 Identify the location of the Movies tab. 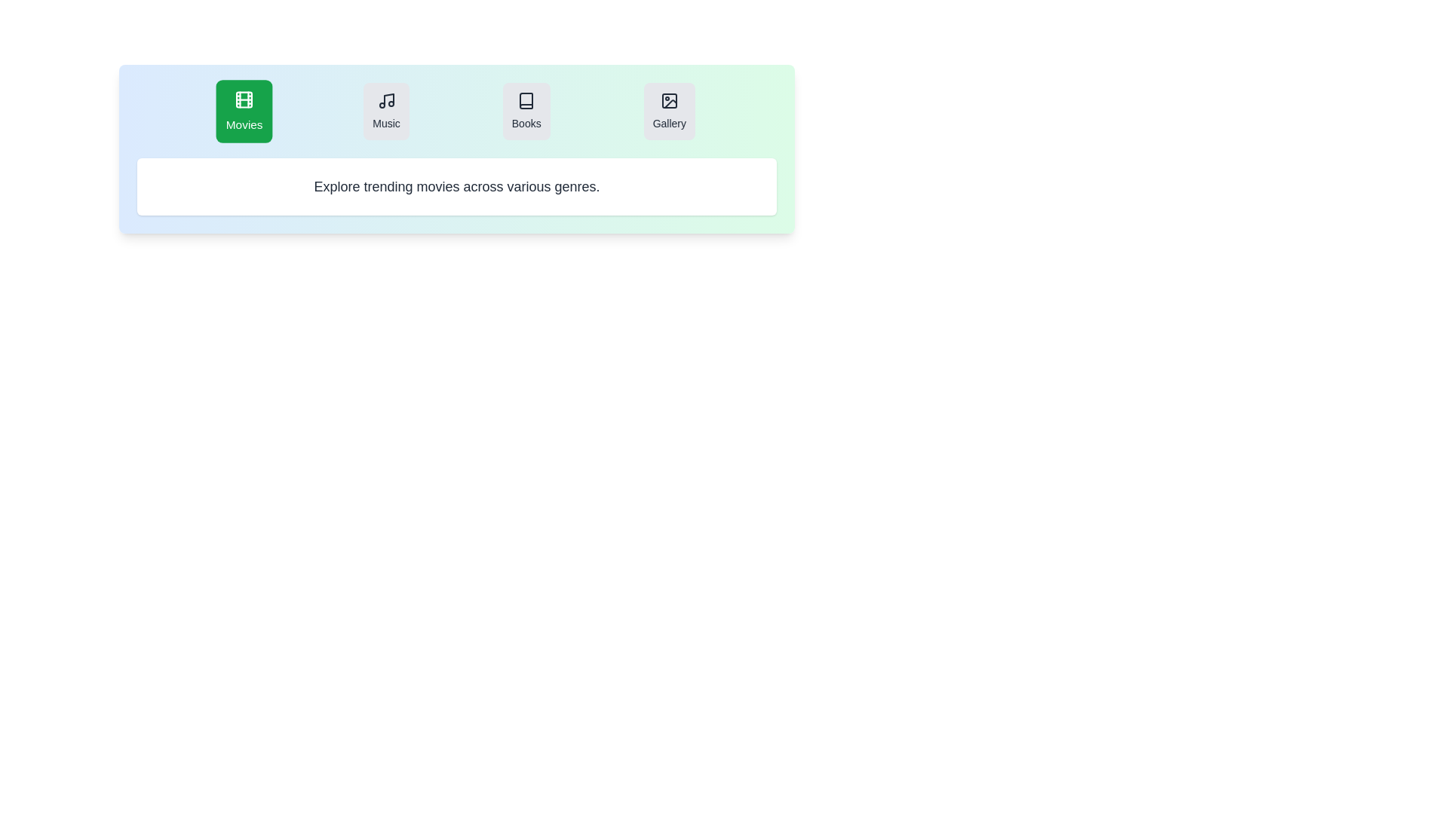
(244, 110).